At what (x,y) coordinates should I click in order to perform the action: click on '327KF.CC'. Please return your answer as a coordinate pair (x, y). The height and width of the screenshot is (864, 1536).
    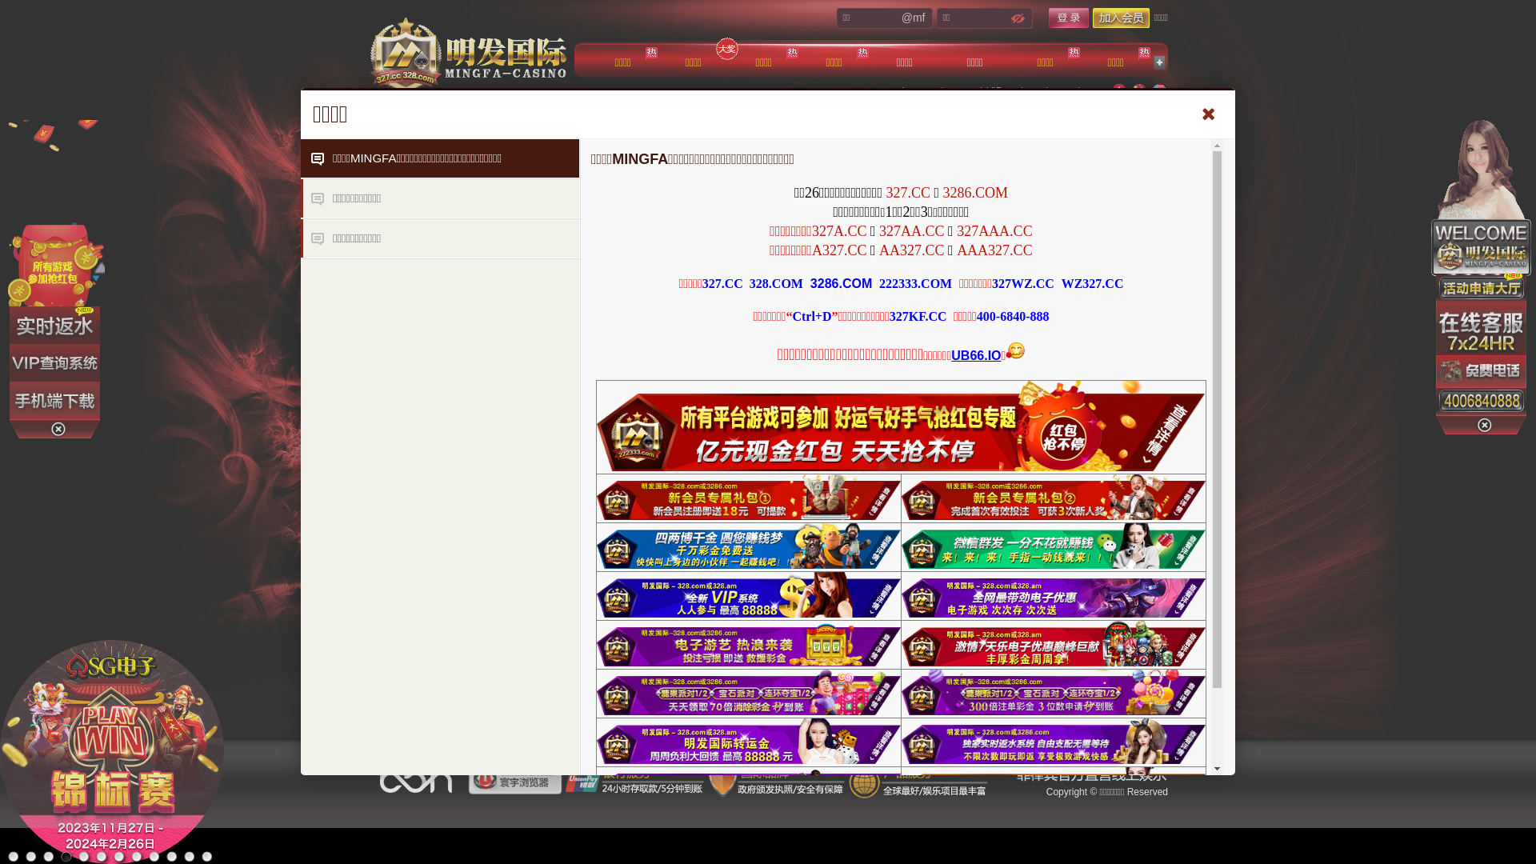
    Looking at the image, I should click on (918, 316).